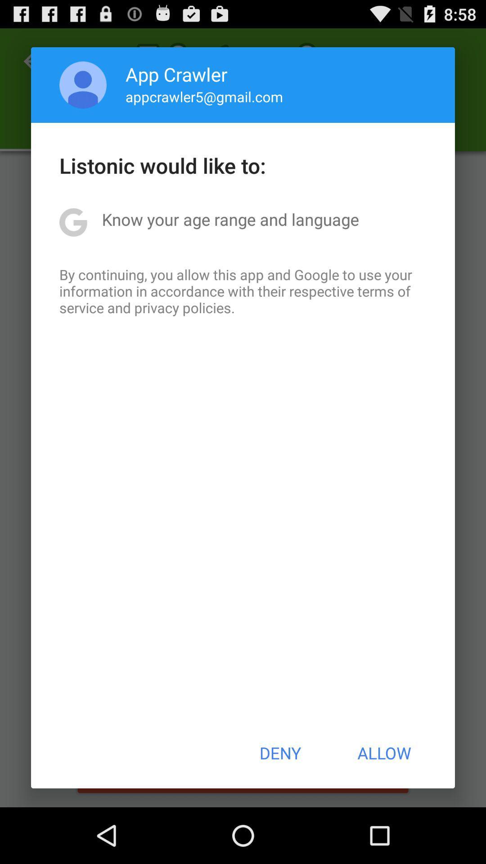 This screenshot has height=864, width=486. I want to click on the deny icon, so click(279, 753).